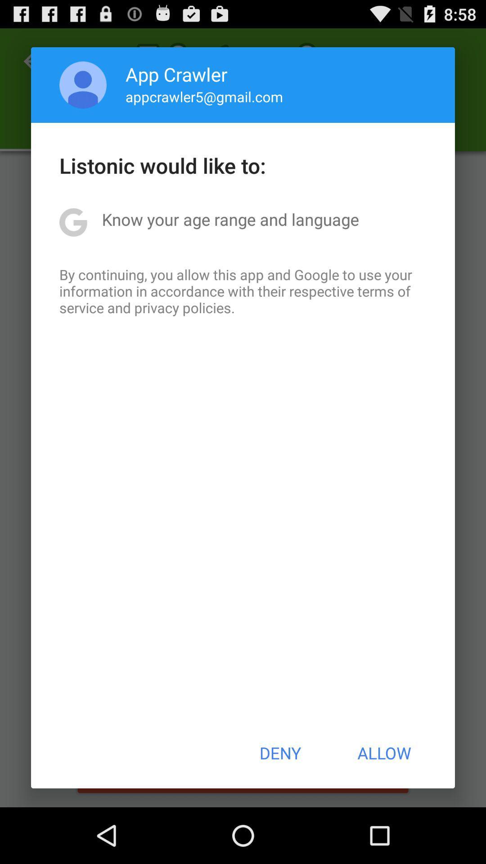 This screenshot has height=864, width=486. I want to click on the deny icon, so click(279, 753).